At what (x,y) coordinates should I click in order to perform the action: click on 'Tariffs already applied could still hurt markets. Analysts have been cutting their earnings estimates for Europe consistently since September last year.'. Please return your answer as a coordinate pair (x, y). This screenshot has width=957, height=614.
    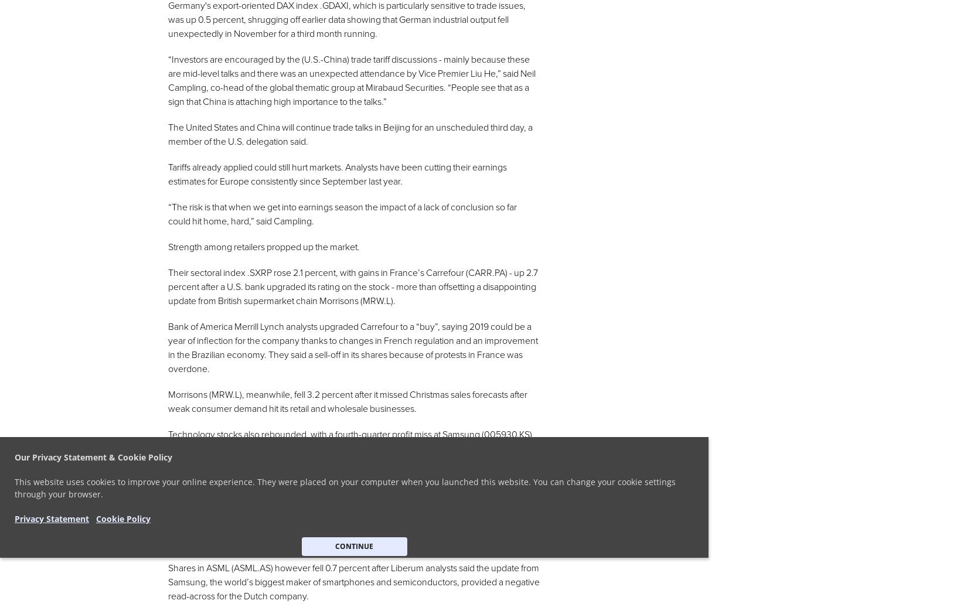
    Looking at the image, I should click on (336, 174).